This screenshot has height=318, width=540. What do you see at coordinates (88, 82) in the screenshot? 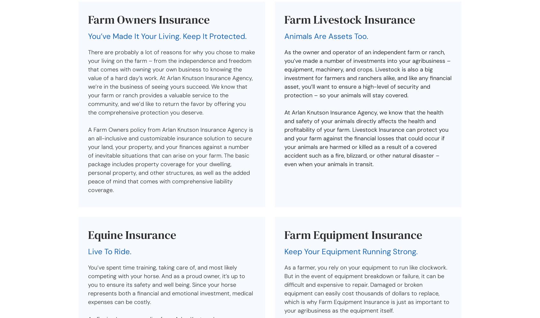
I see `'There are probably a lot of reasons for why you chose to make your living on the farm – from the independence and freedom that comes with owning your own business to knowing the value of a hard day’s work. At Arlan Knutson Insurance Agency, we’re in the business of seeing yours succeed. We know that your farm or ranch provides a valuable service to the community, and we’d like to return the favor by offering you the comprehensive protection you deserve.'` at bounding box center [88, 82].